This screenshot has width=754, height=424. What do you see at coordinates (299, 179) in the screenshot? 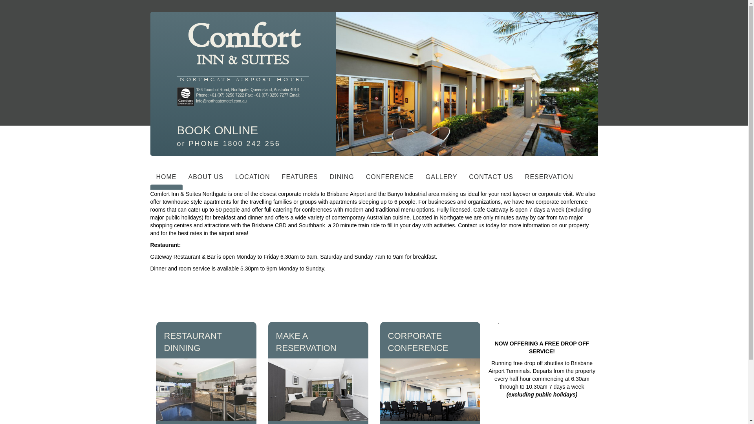
I see `'FEATURES'` at bounding box center [299, 179].